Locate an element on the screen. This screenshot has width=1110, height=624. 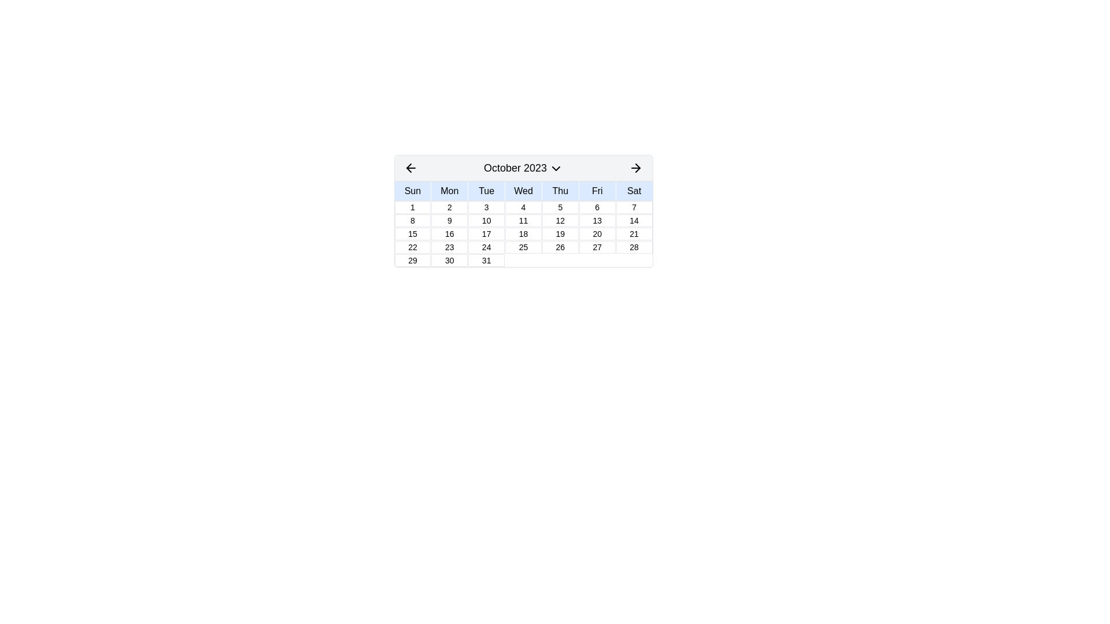
the calendar date tile displaying the number '3', which is located is located at coordinates (486, 206).